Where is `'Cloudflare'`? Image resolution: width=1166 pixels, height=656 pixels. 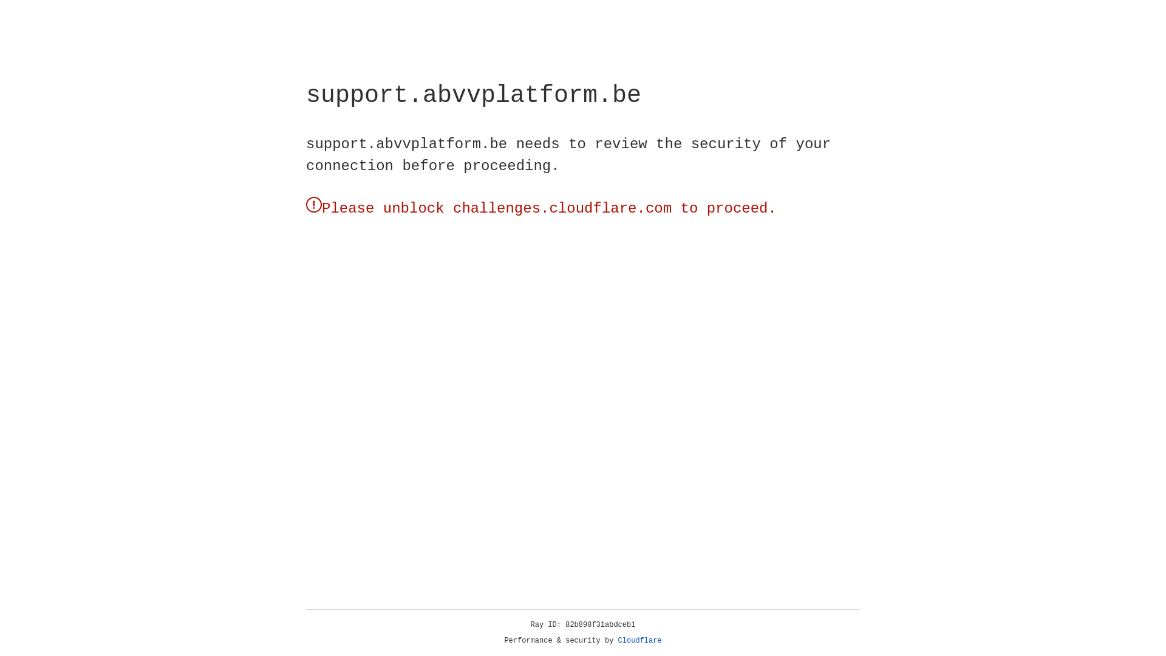
'Cloudflare' is located at coordinates (639, 640).